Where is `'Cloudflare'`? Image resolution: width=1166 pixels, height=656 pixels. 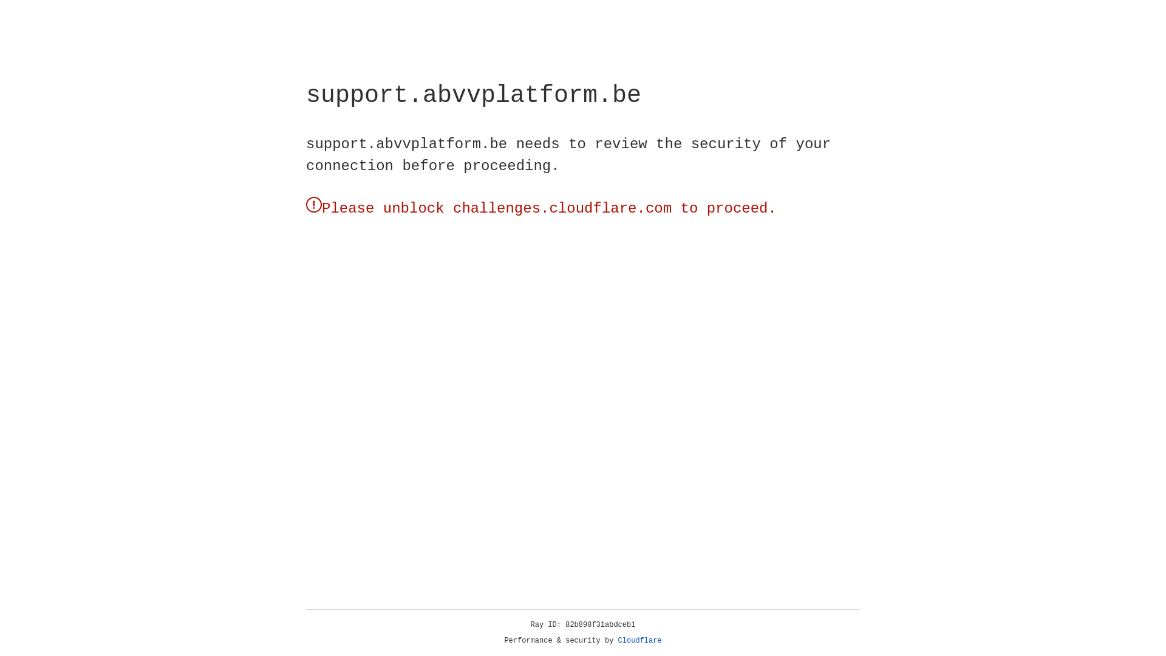
'Cloudflare' is located at coordinates (639, 640).